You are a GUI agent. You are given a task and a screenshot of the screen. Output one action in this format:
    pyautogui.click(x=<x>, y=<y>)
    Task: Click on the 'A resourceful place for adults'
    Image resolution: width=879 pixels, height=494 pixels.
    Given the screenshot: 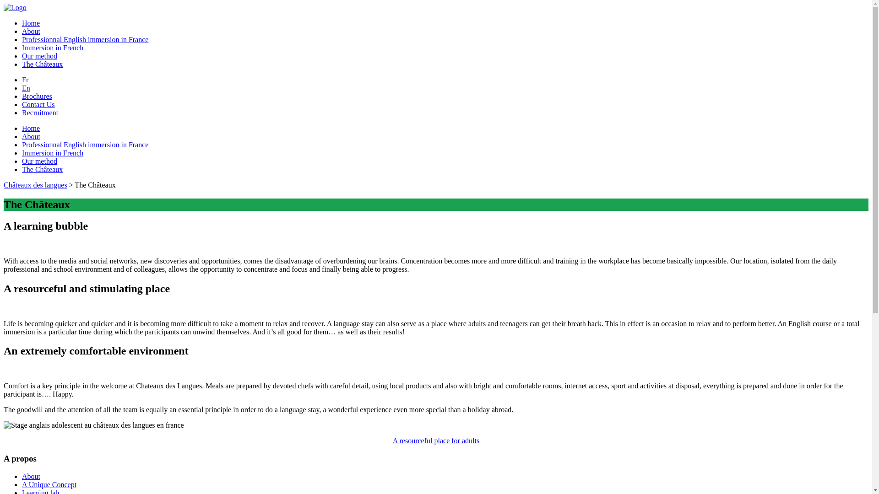 What is the action you would take?
    pyautogui.click(x=435, y=440)
    